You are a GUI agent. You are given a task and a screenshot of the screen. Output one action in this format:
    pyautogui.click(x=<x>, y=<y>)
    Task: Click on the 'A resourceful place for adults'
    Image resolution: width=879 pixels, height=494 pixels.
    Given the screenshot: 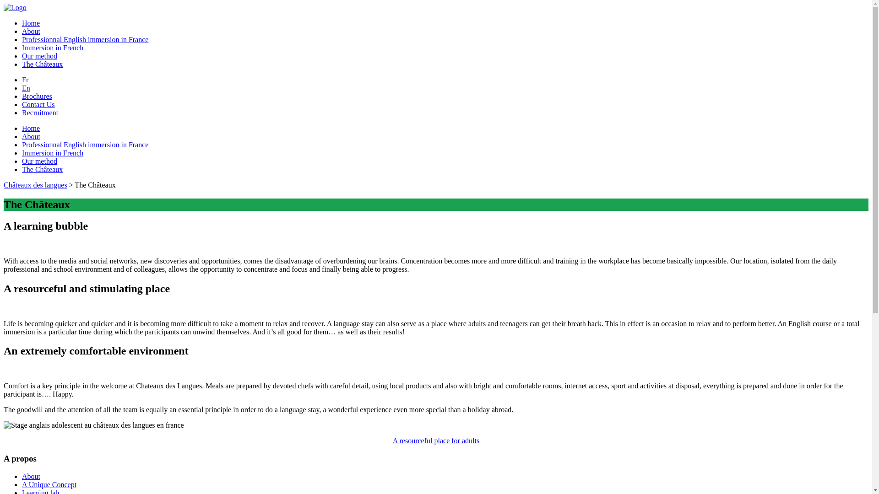 What is the action you would take?
    pyautogui.click(x=435, y=440)
    